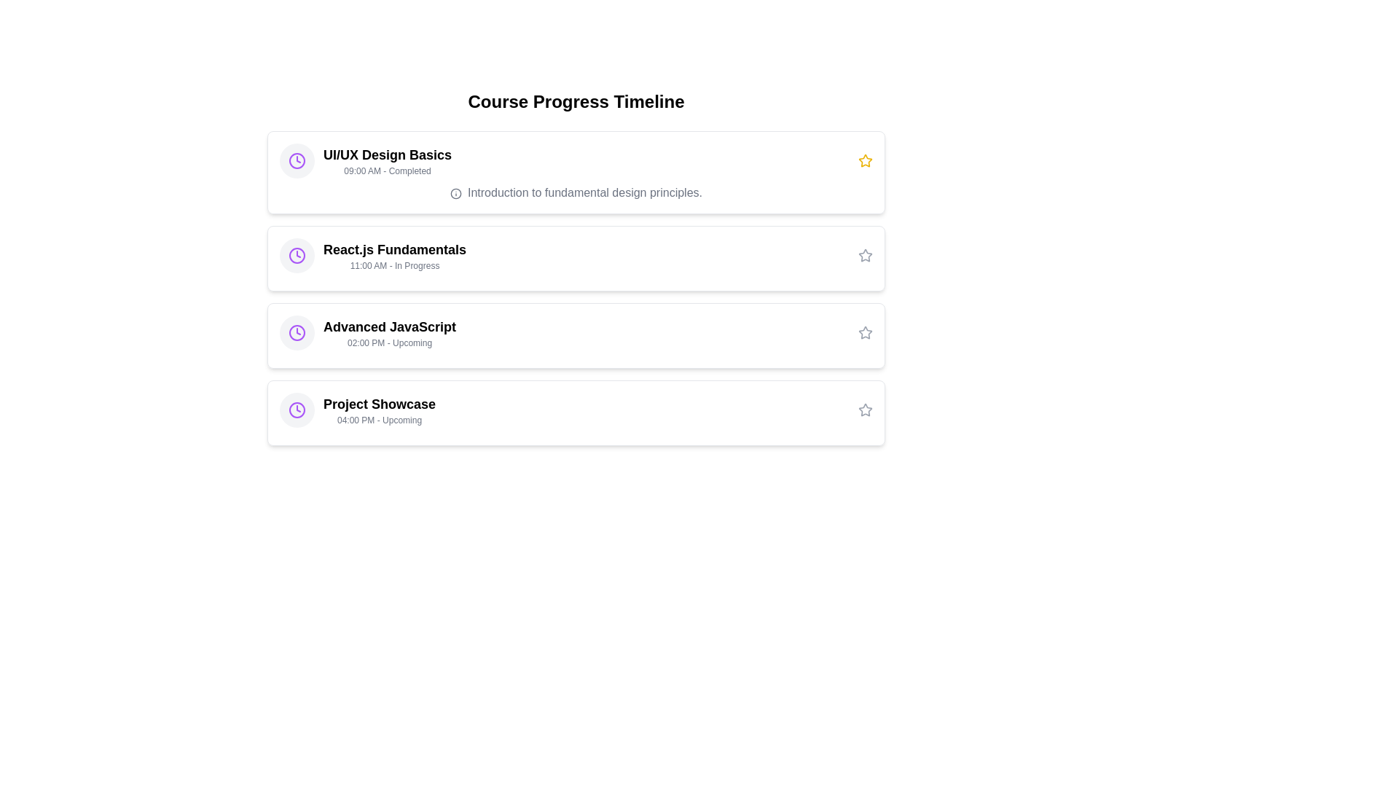 The image size is (1399, 787). Describe the element at coordinates (866, 410) in the screenshot. I see `the star icon located at the far right of the fourth item in the list under 'Course Progress Timeline'` at that location.